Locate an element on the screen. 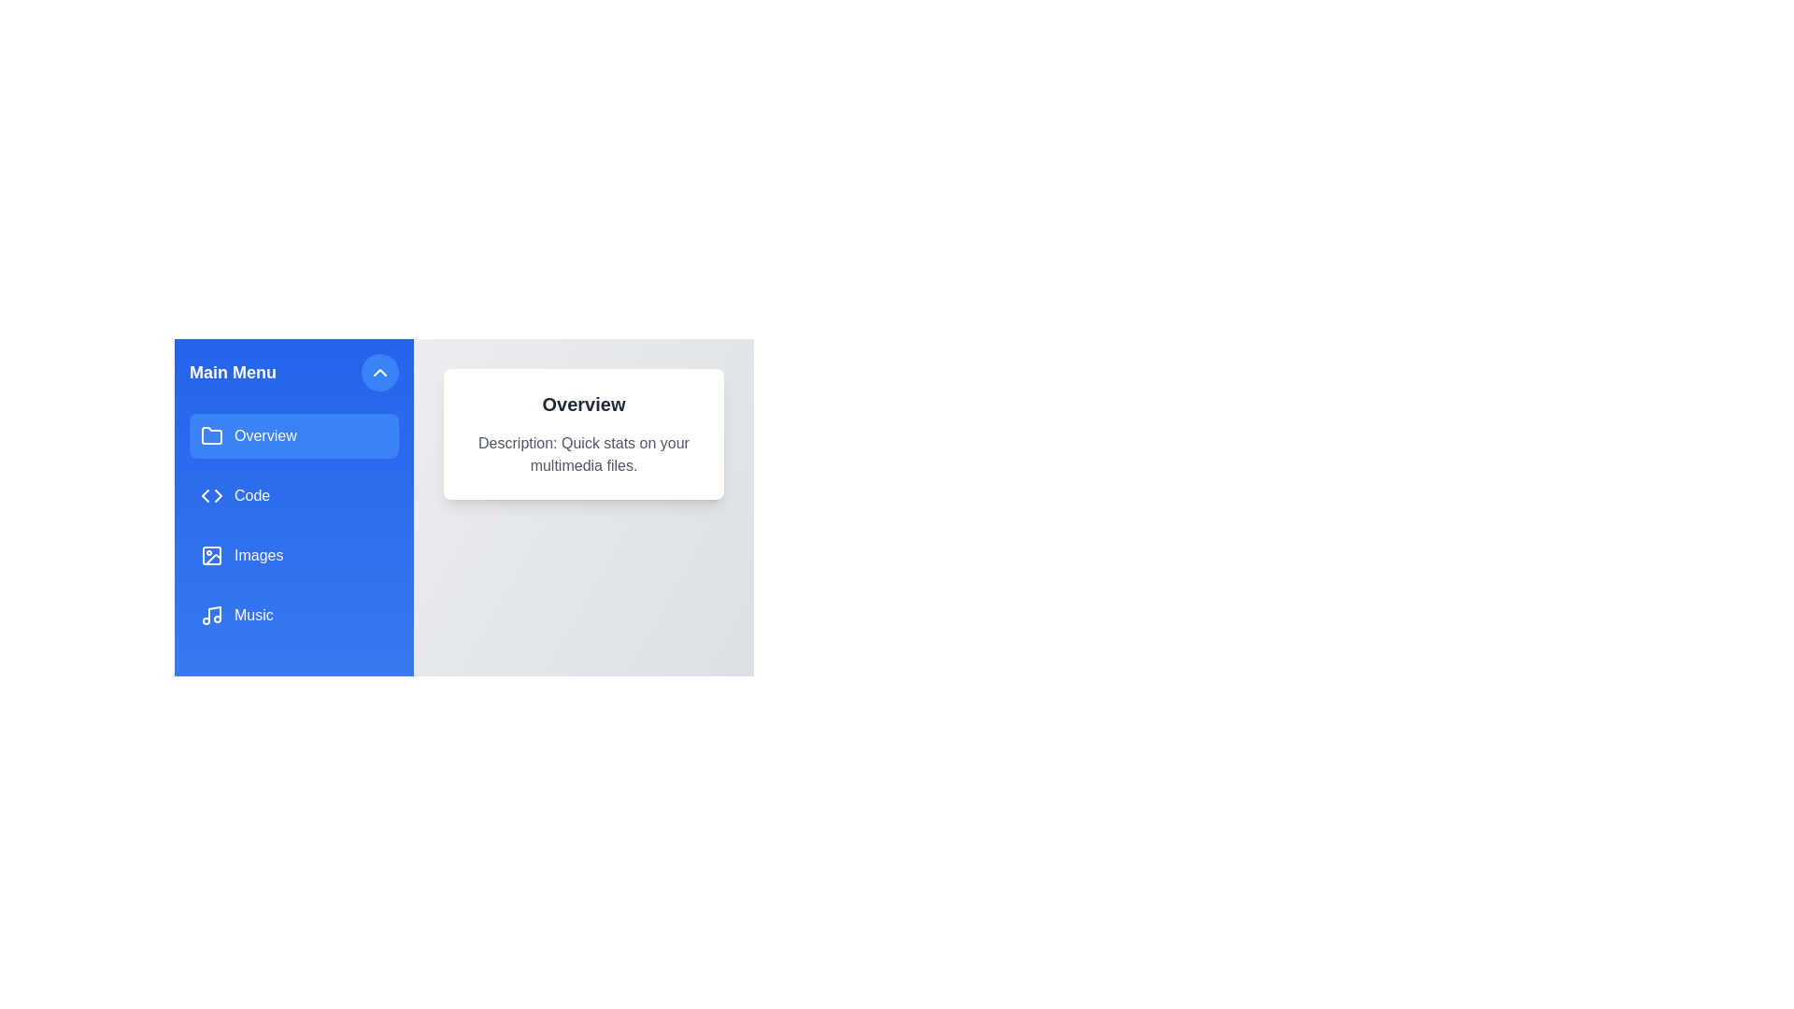  the 'Code' button, which is the second item in the vertical list of menu options in the sidebar is located at coordinates (293, 495).